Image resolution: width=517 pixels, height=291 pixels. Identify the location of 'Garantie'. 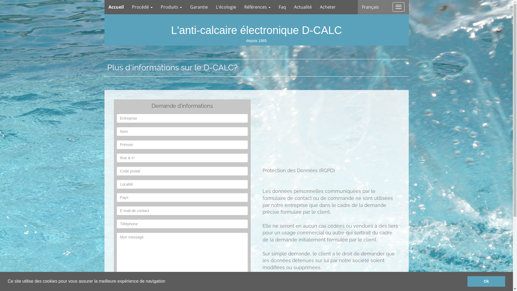
(186, 7).